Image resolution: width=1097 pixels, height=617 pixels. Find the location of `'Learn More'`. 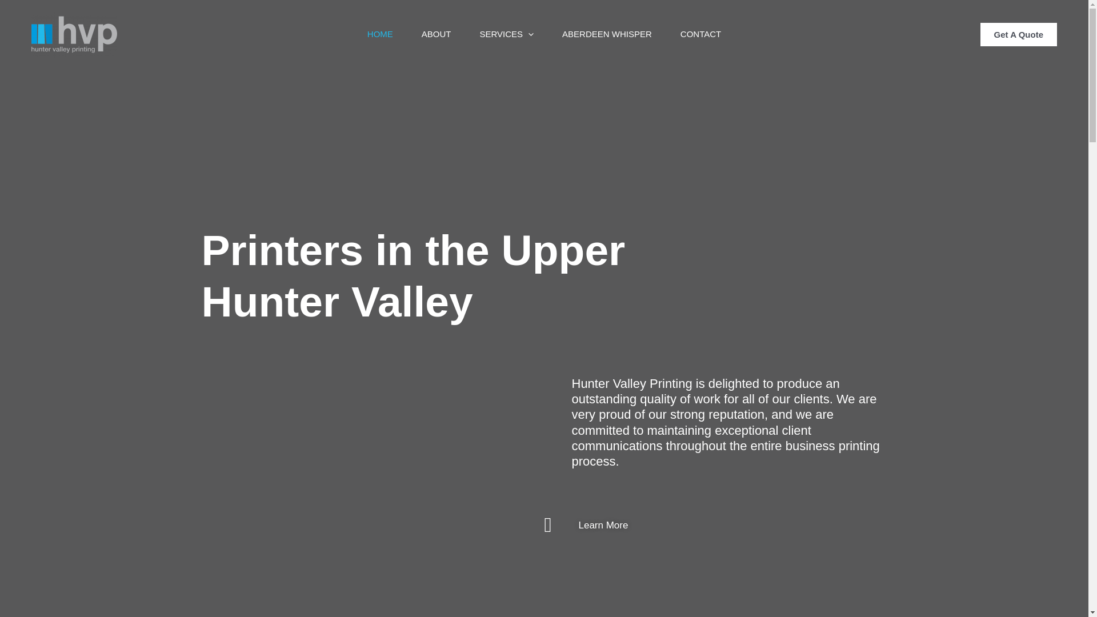

'Learn More' is located at coordinates (543, 524).